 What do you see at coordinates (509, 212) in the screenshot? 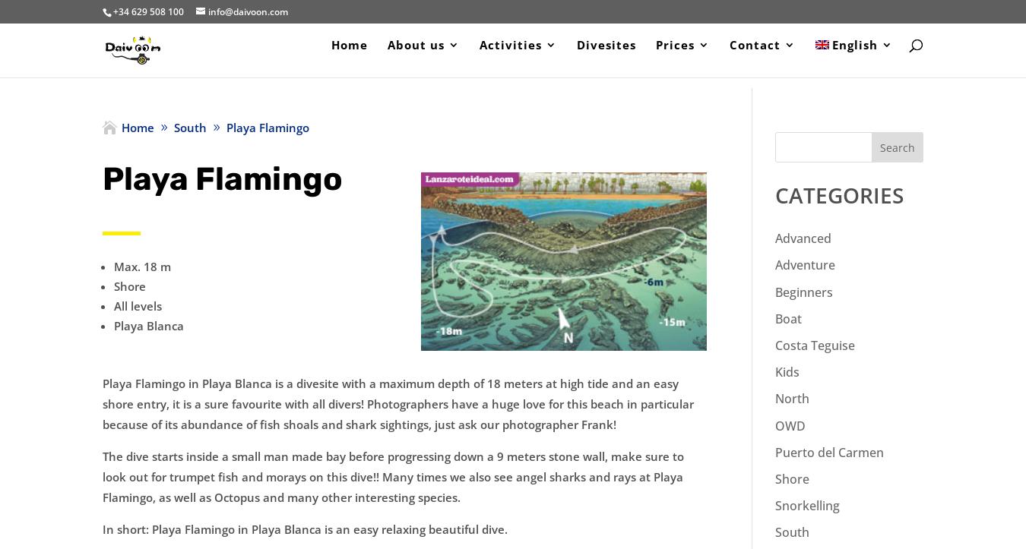
I see `'Guided dives'` at bounding box center [509, 212].